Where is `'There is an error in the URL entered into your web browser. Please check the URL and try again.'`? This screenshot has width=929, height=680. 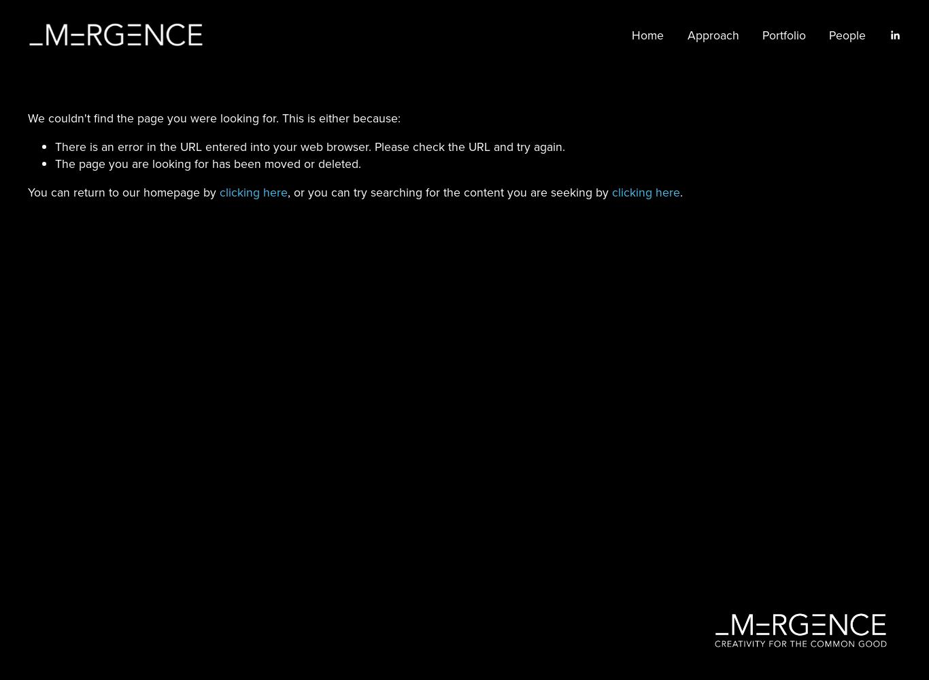 'There is an error in the URL entered into your web browser. Please check the URL and try again.' is located at coordinates (309, 146).